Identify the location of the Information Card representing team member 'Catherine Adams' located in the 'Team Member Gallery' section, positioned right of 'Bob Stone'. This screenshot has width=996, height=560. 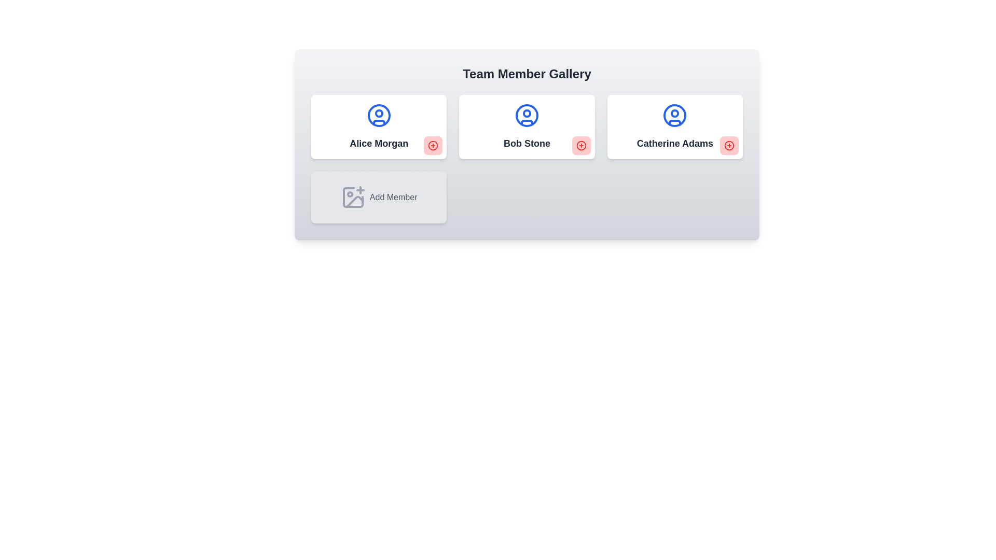
(674, 127).